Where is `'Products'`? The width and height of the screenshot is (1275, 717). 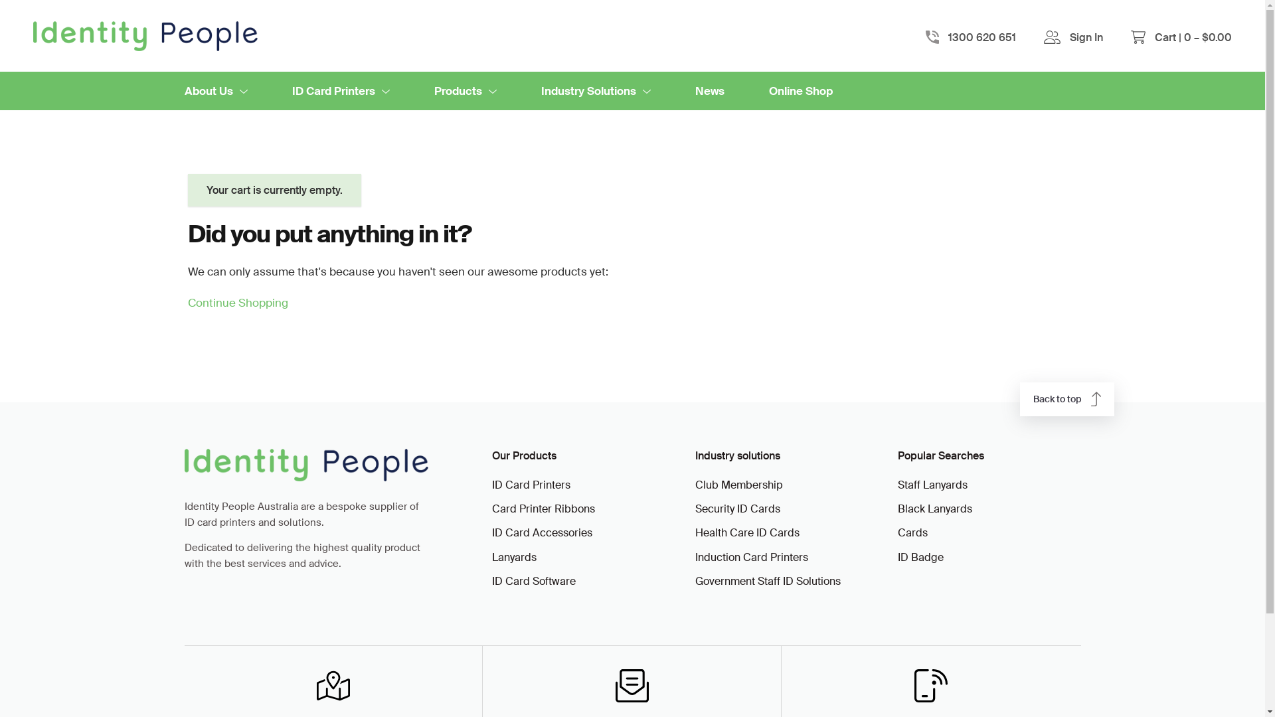 'Products' is located at coordinates (465, 90).